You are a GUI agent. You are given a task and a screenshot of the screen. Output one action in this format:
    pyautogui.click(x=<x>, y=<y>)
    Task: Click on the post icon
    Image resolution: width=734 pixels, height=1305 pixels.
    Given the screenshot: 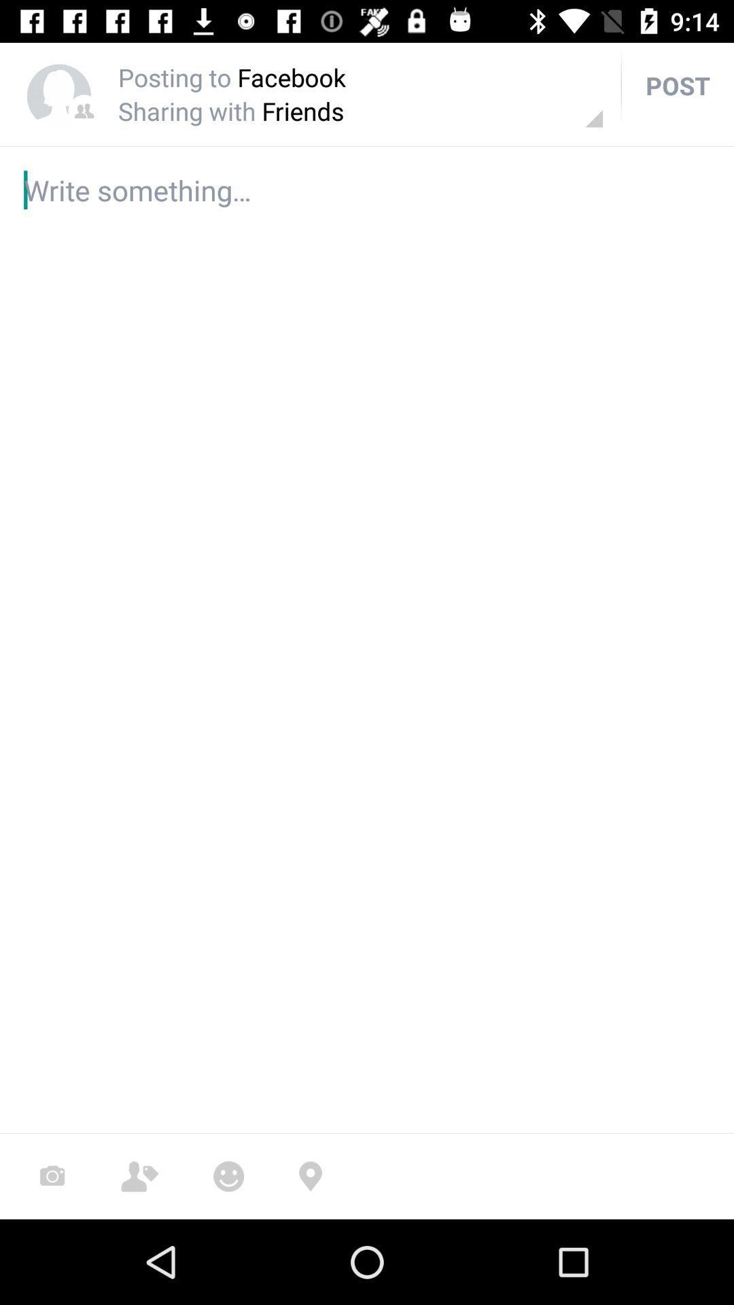 What is the action you would take?
    pyautogui.click(x=678, y=84)
    